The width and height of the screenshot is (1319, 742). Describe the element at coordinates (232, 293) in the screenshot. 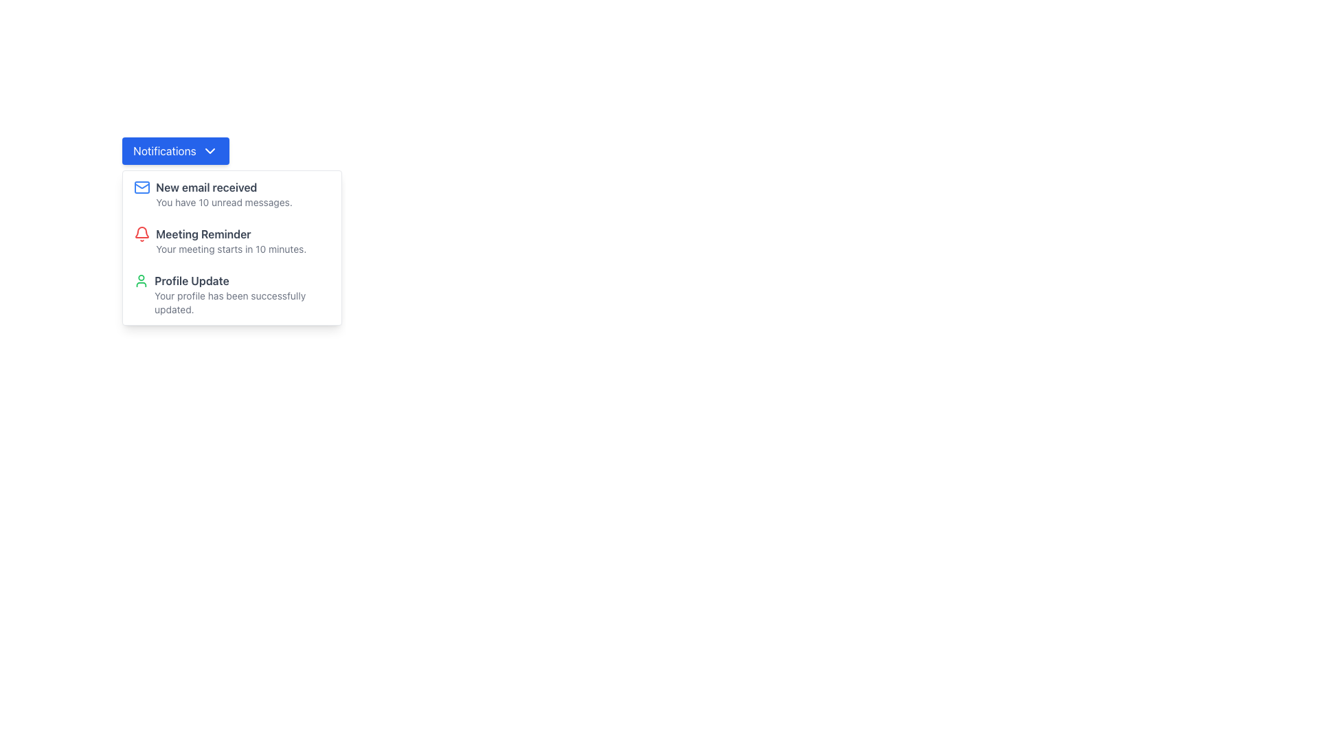

I see `the third notification entry in the dropdown, which contains a green user icon and the text 'Profile Update' followed by 'Your profile has been successfully updated.'` at that location.